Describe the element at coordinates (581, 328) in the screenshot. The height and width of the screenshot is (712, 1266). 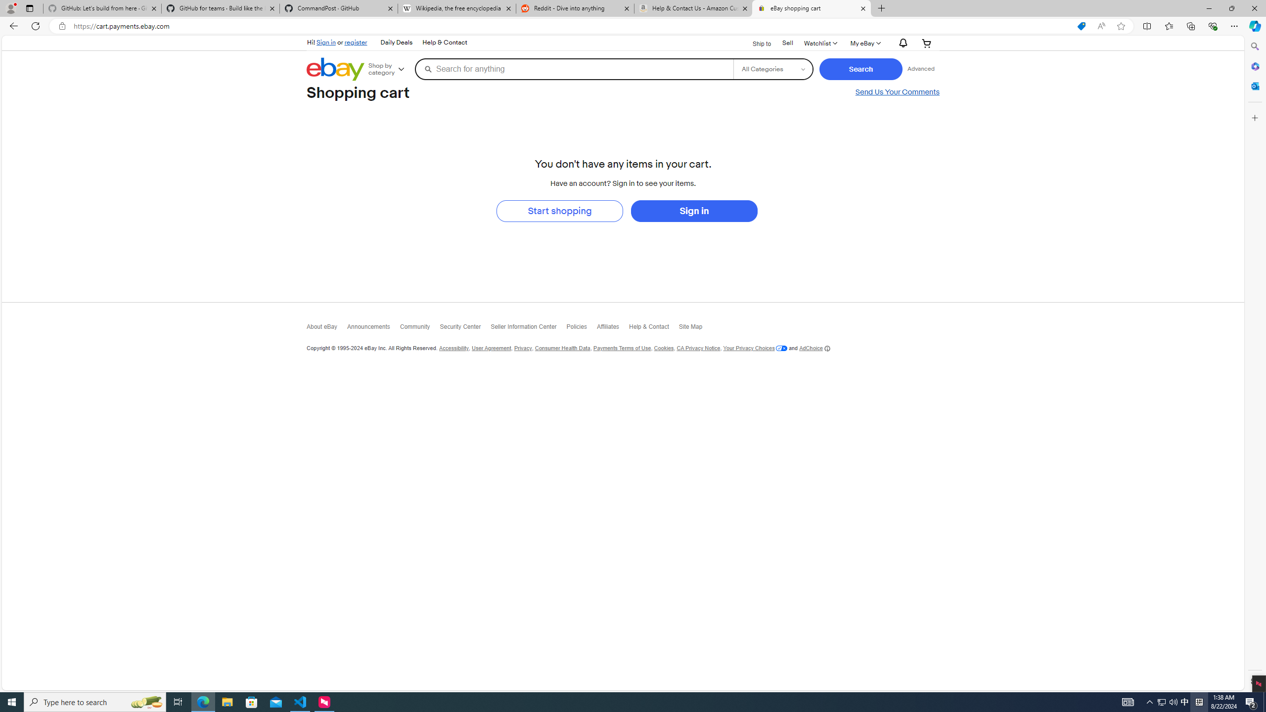
I see `'Policies'` at that location.